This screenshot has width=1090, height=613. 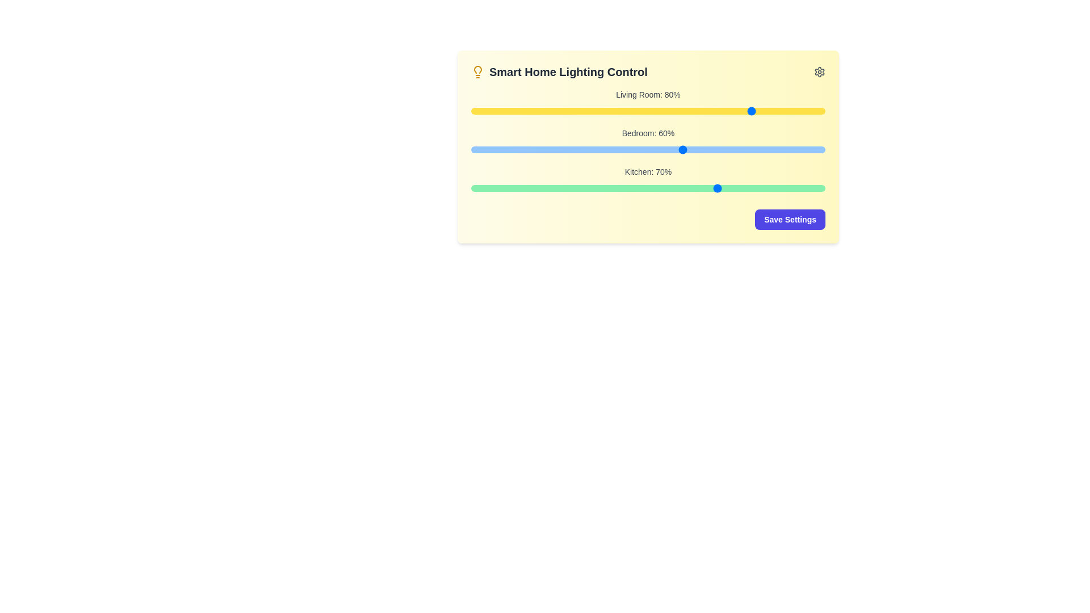 I want to click on the text label displaying 'Living Room: 80%' which is positioned at the top left corner of its section, serving as a description for the associated slider below it, so click(x=648, y=94).